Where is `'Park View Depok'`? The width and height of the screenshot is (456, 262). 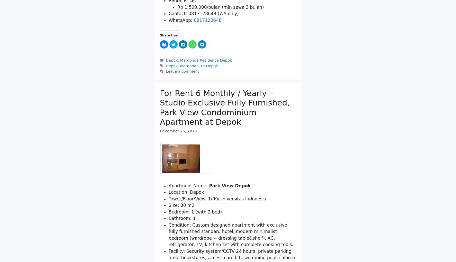
'Park View Depok' is located at coordinates (229, 245).